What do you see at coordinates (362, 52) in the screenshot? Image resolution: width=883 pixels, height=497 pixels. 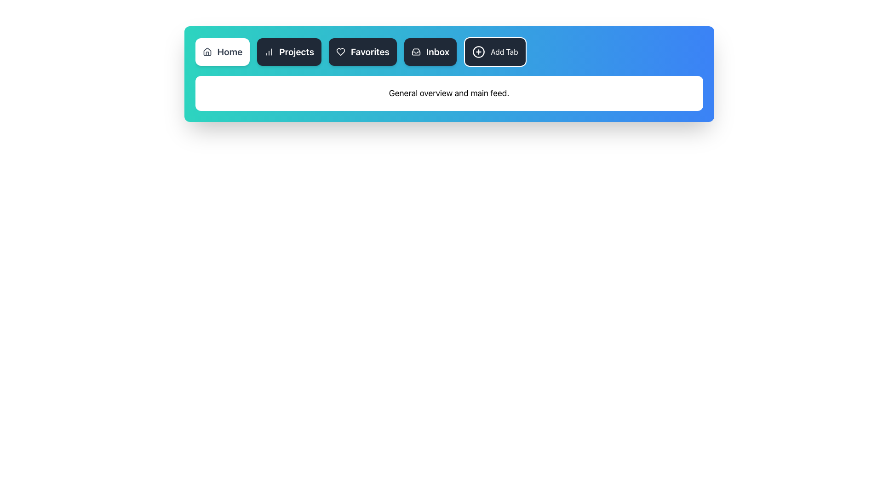 I see `the navigation button for 'Favorites', which is the third button in a horizontal group of navigation buttons` at bounding box center [362, 52].